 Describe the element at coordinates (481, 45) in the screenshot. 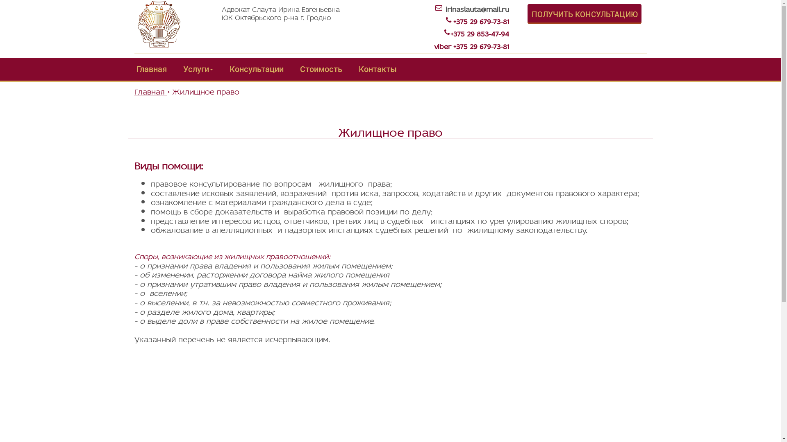

I see `'+375 29 679-73-81'` at that location.